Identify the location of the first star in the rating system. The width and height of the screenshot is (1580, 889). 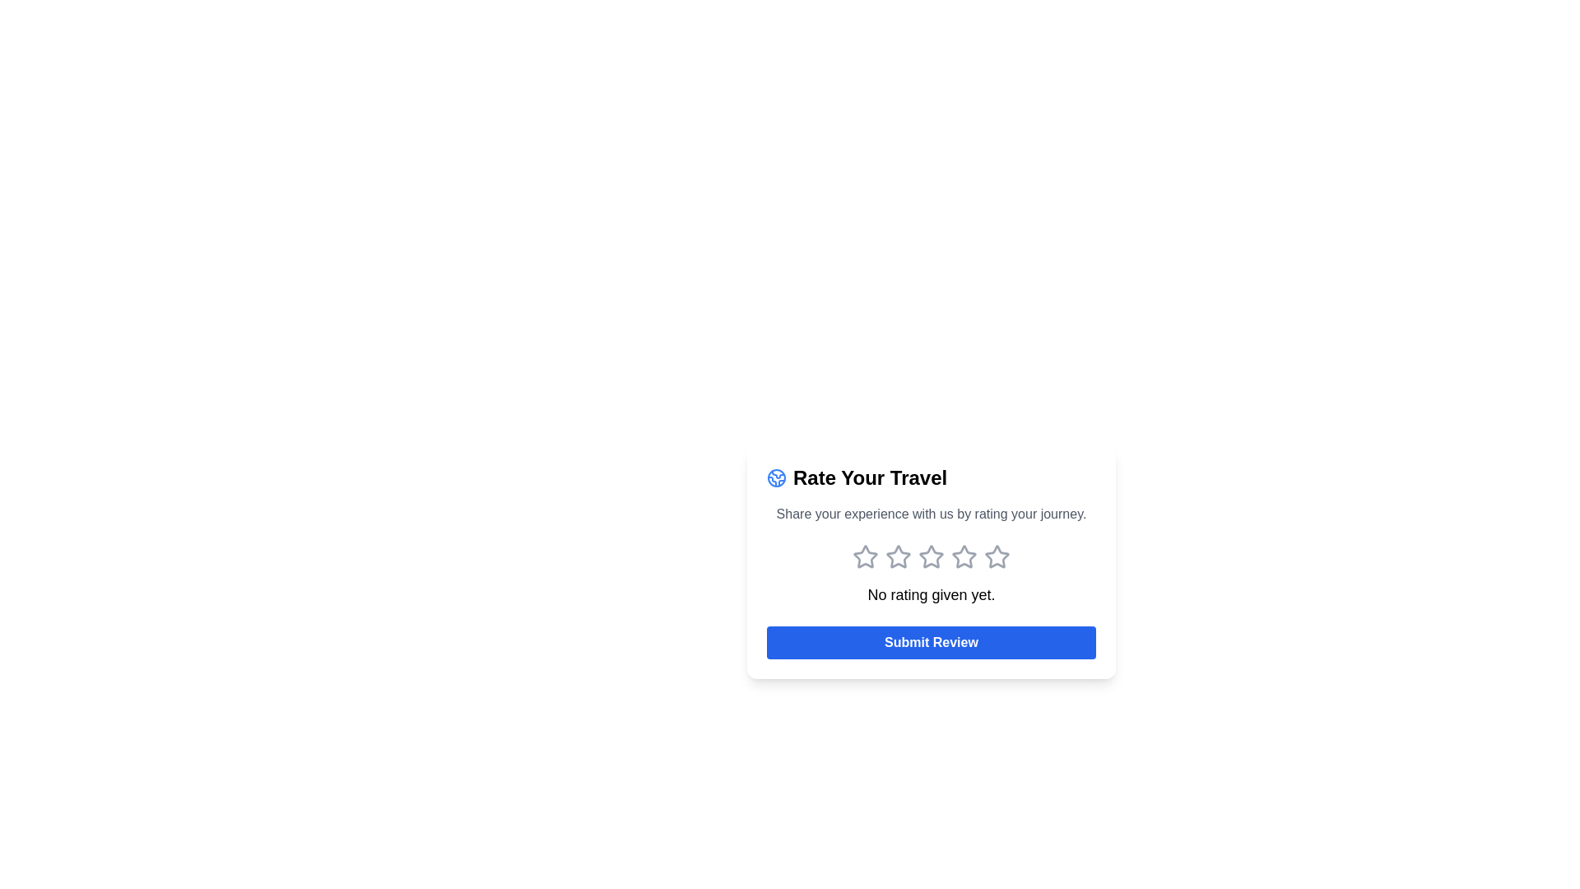
(896, 556).